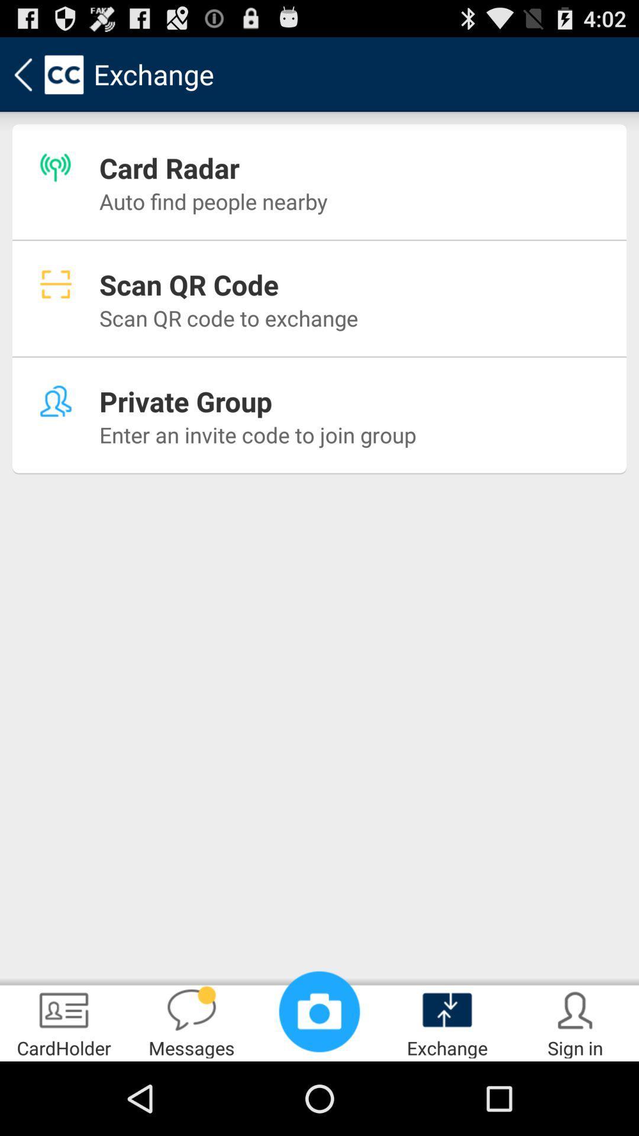 This screenshot has height=1136, width=639. Describe the element at coordinates (575, 1021) in the screenshot. I see `icon to the right of the exchange icon` at that location.